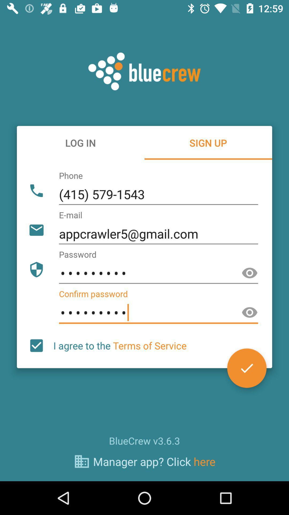 The width and height of the screenshot is (289, 515). I want to click on the check icon, so click(247, 368).